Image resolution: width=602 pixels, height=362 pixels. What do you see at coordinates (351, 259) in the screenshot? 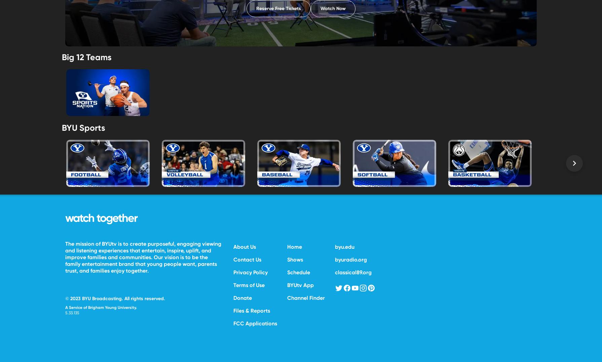
I see `'byuradio.org'` at bounding box center [351, 259].